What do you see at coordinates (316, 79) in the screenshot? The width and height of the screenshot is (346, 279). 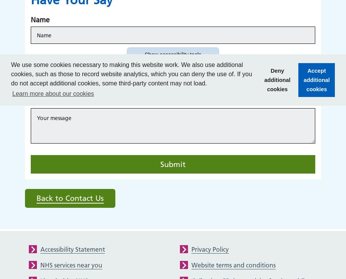 I see `'Accept additional cookies'` at bounding box center [316, 79].